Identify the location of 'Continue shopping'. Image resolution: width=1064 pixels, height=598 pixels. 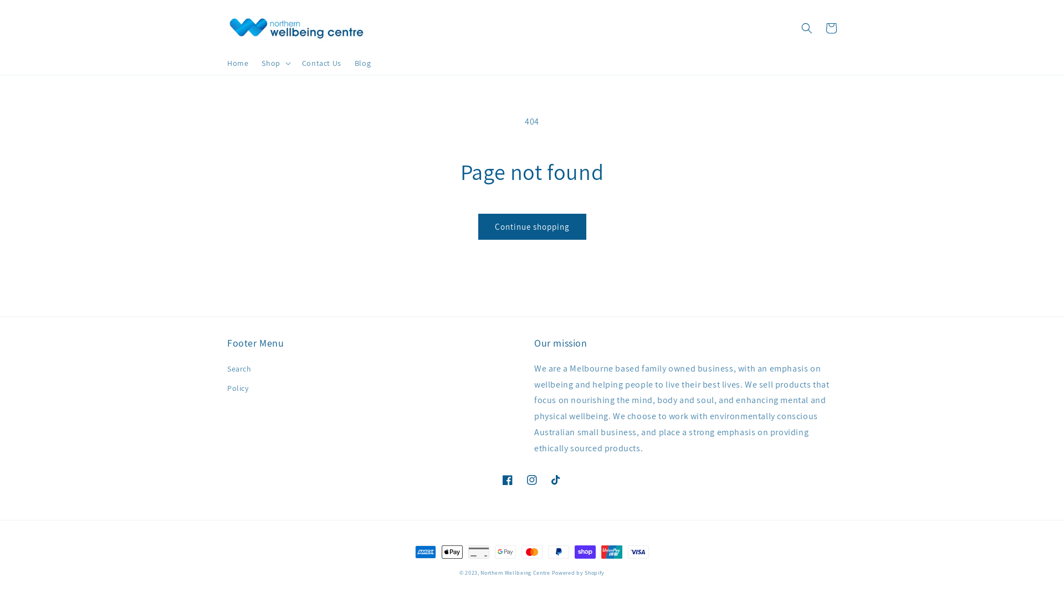
(478, 226).